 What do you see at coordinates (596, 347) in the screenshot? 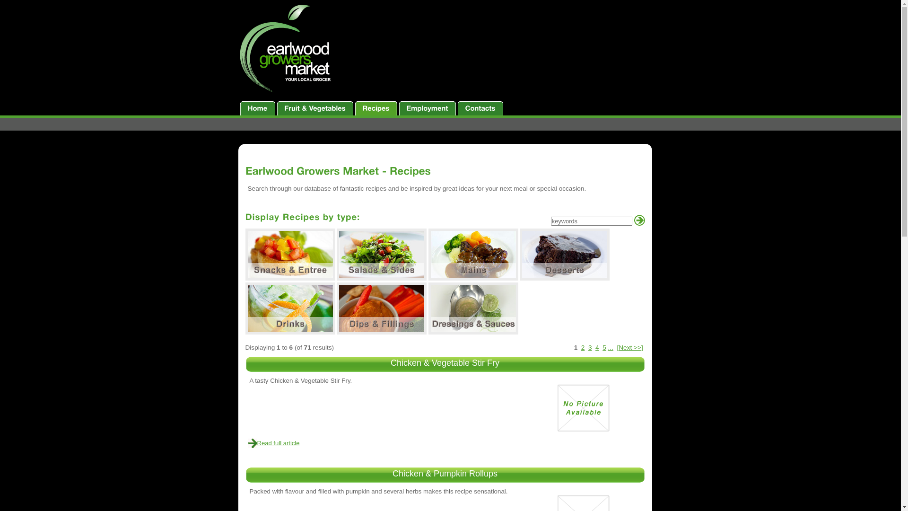
I see `'4'` at bounding box center [596, 347].